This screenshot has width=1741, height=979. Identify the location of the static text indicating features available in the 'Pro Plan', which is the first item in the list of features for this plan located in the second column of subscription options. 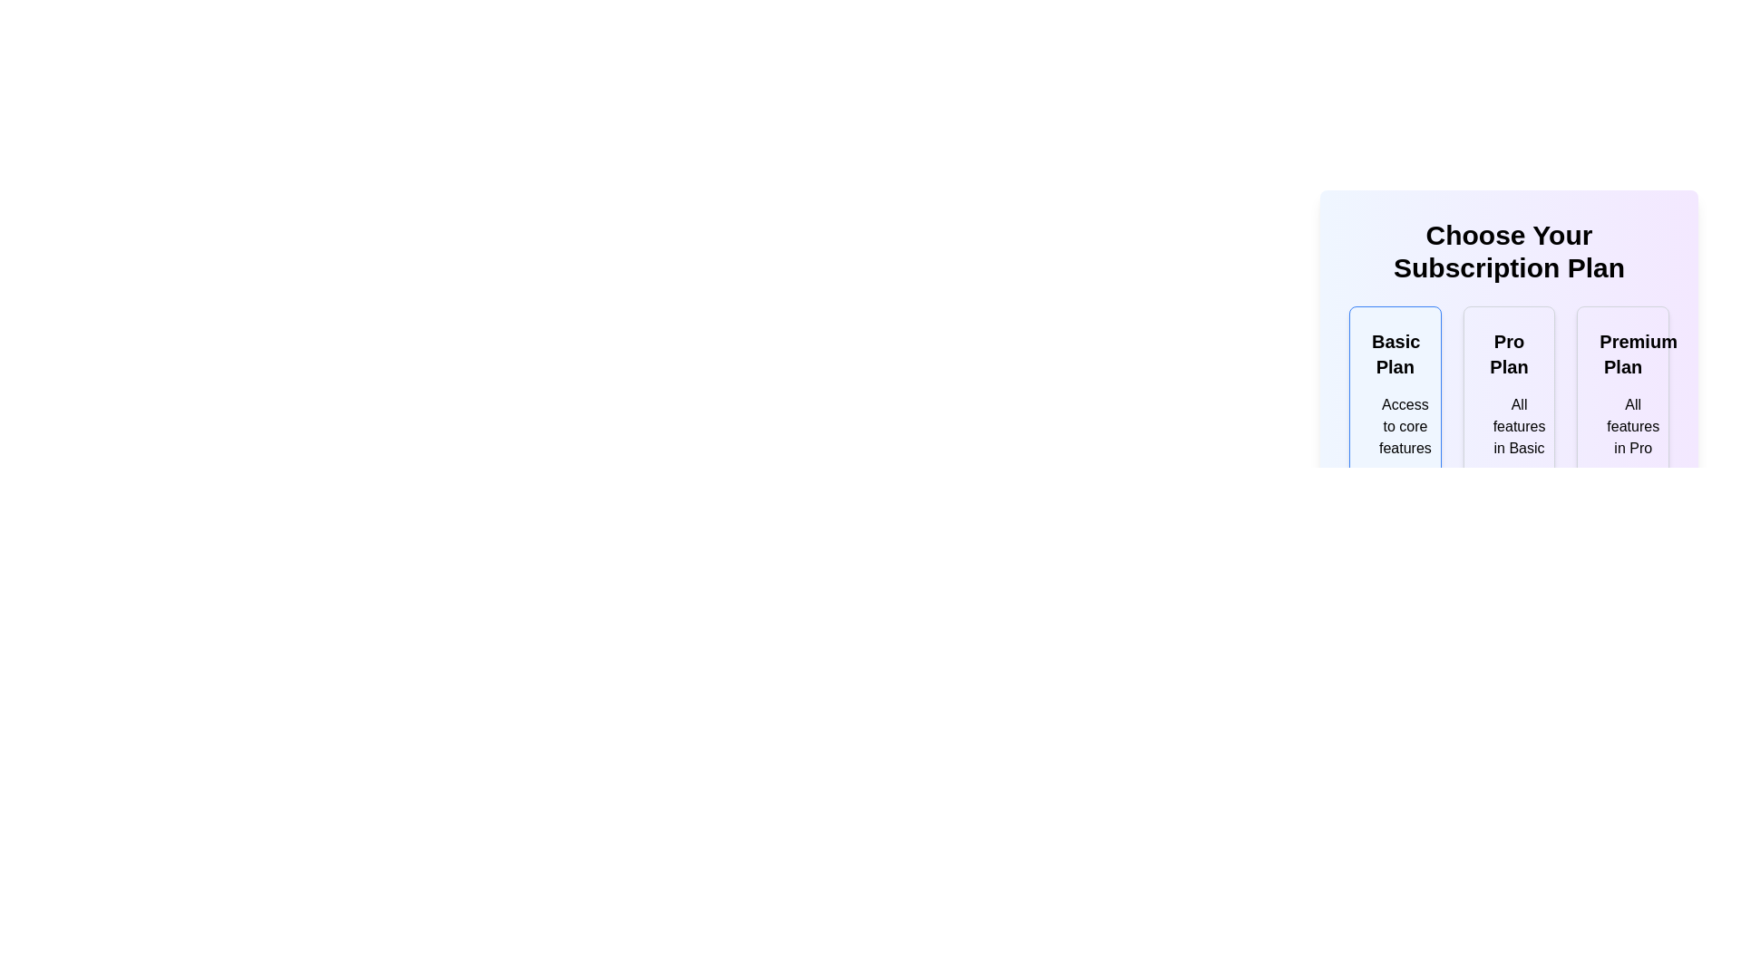
(1509, 426).